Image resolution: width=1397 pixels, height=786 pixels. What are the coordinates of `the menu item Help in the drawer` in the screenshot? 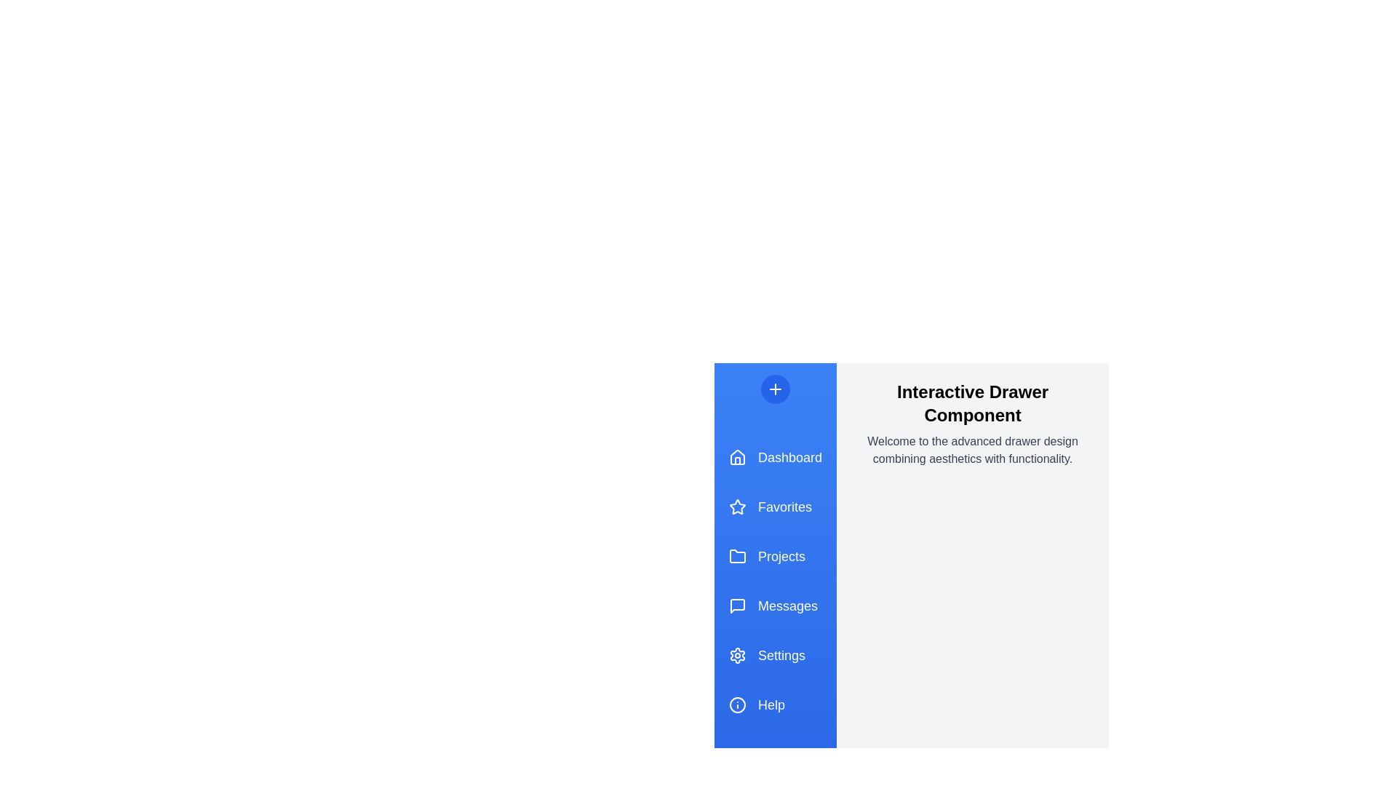 It's located at (774, 704).